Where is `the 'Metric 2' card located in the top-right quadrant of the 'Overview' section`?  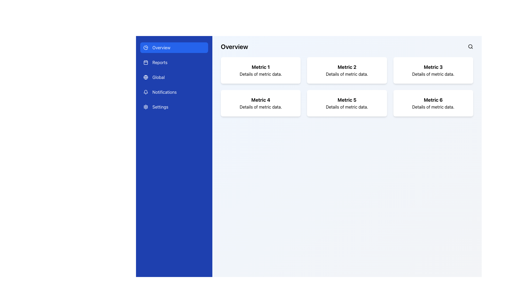 the 'Metric 2' card located in the top-right quadrant of the 'Overview' section is located at coordinates (347, 79).